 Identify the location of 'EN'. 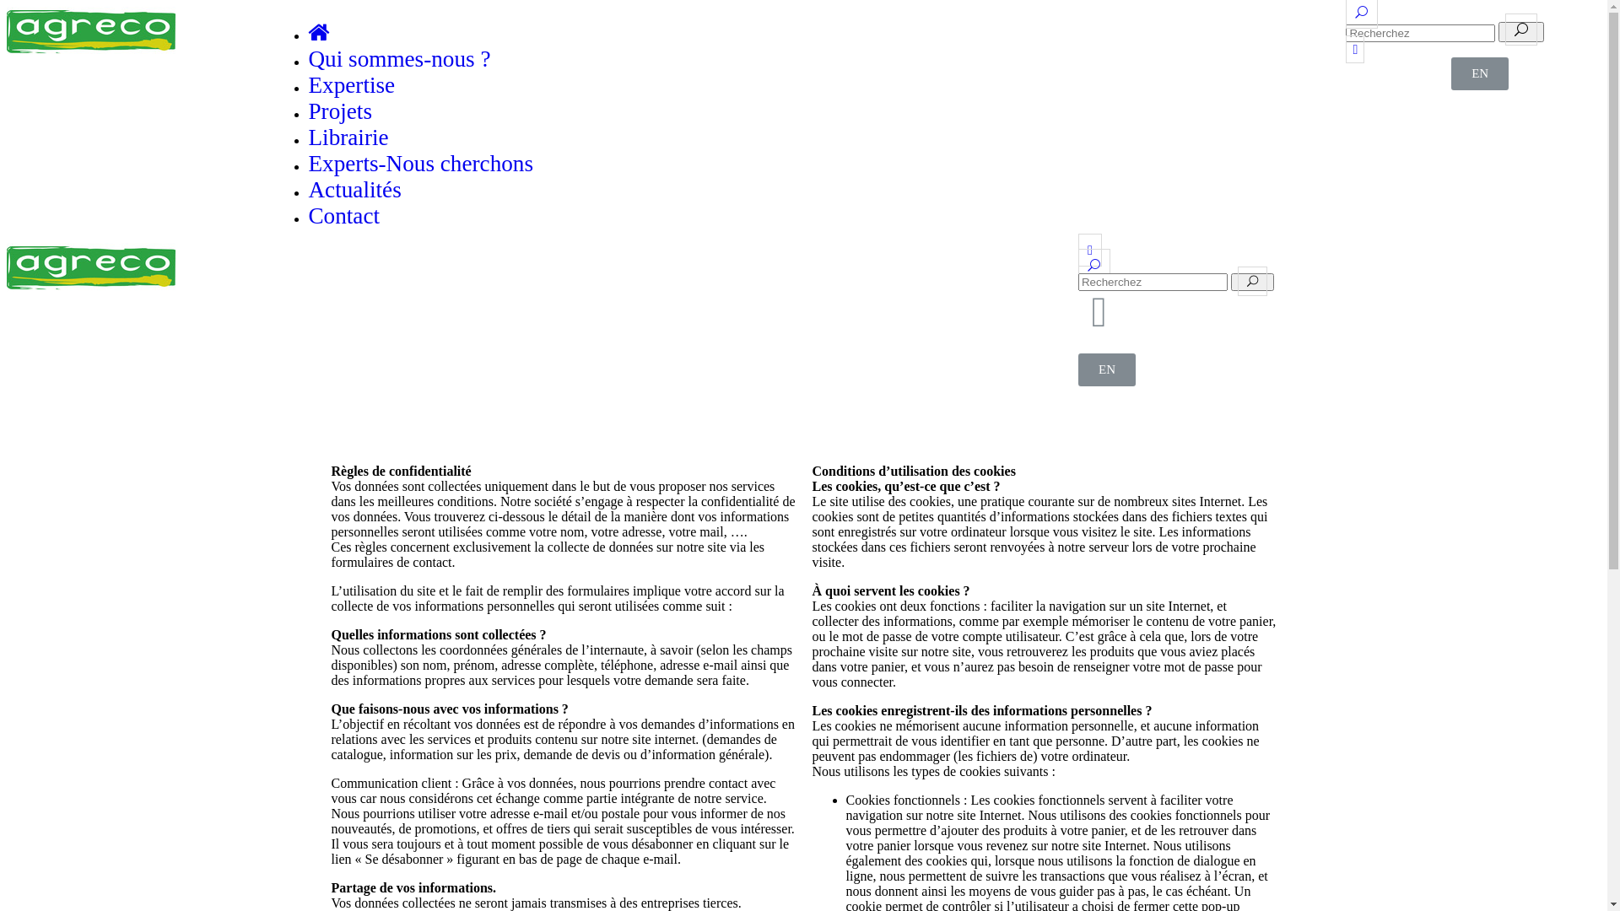
(1106, 369).